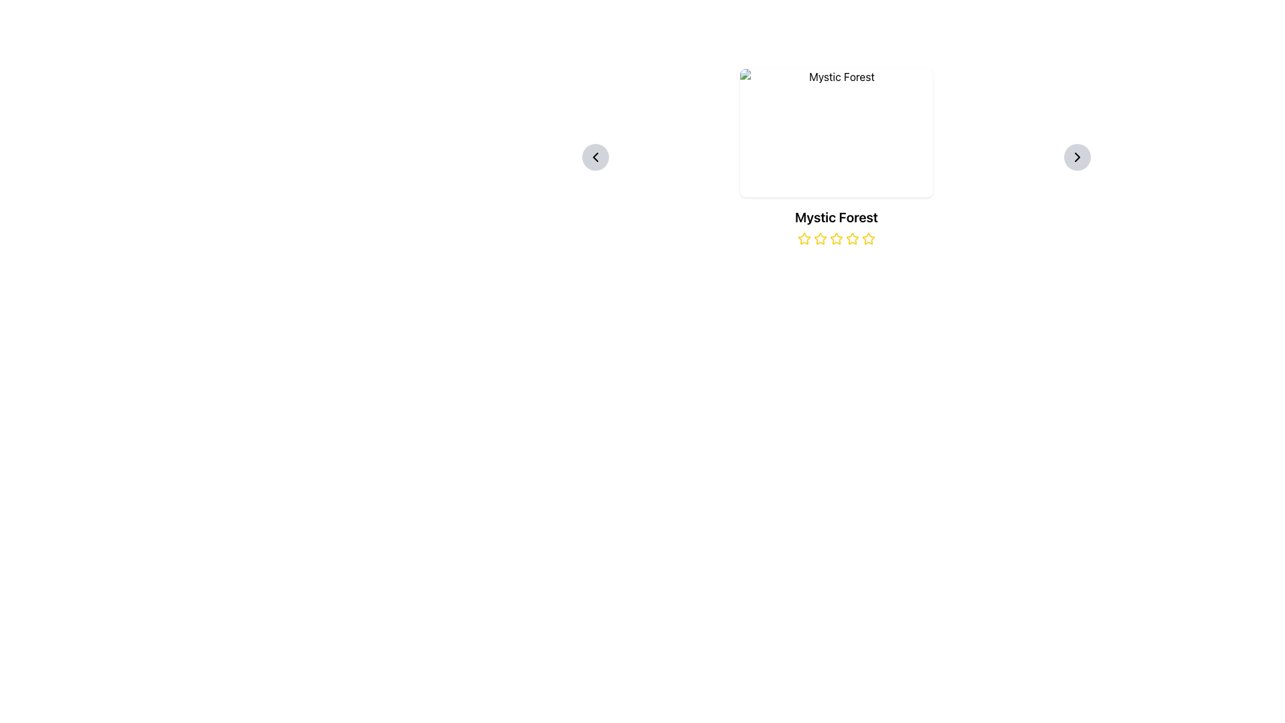  Describe the element at coordinates (868, 238) in the screenshot. I see `the fifth yellow star icon in the rating section below the 'Mystic Forest' text to indicate selection` at that location.